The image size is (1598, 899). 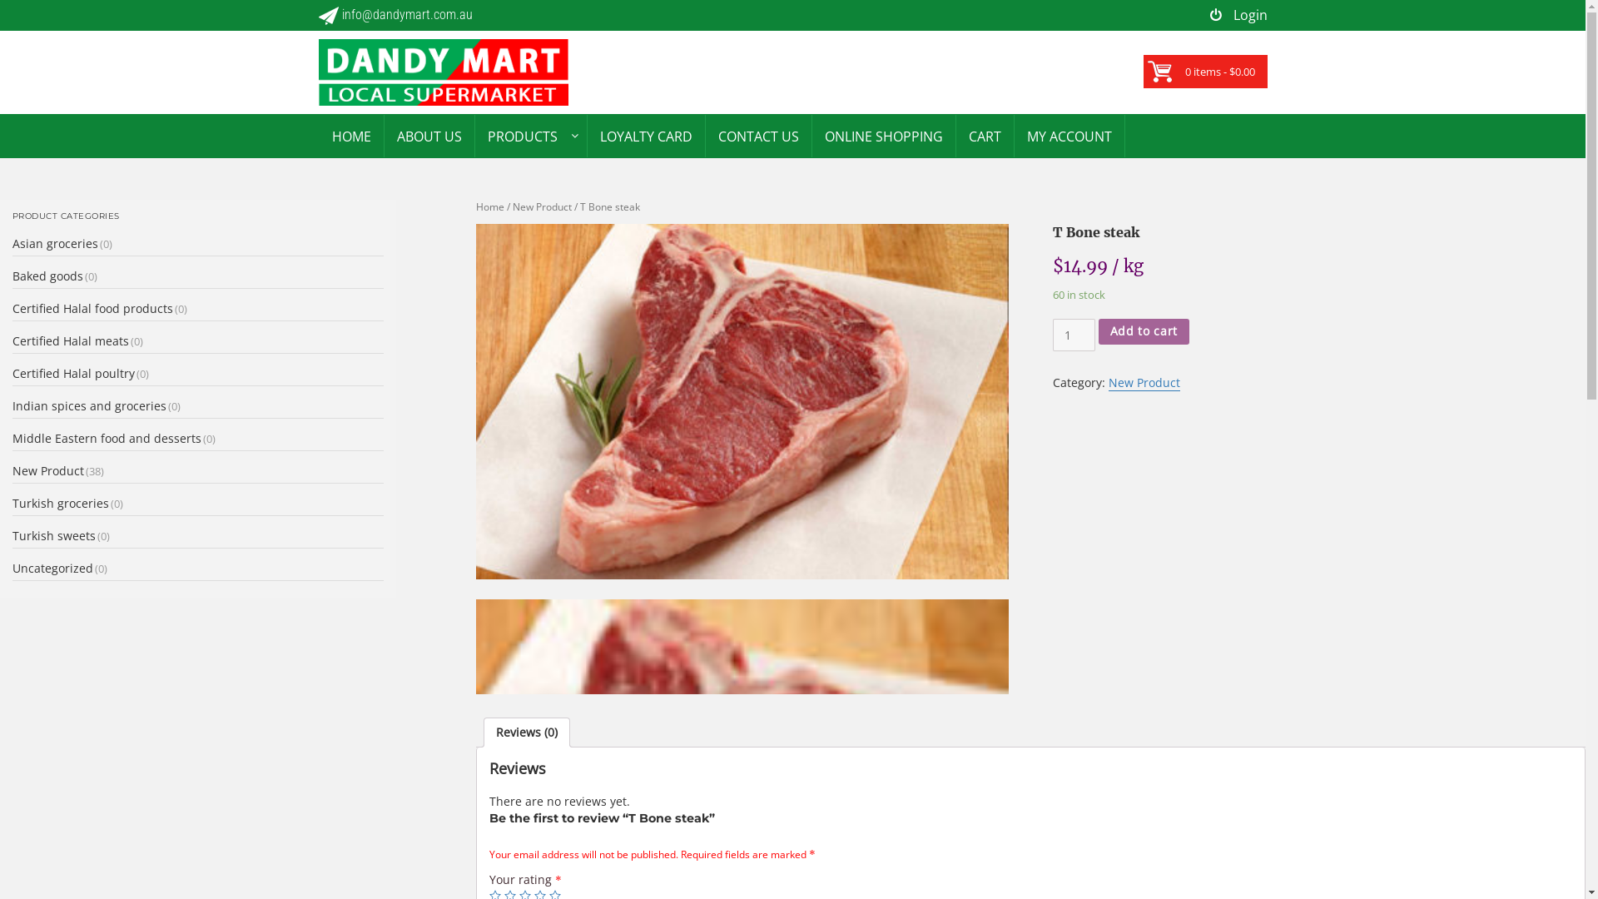 What do you see at coordinates (72, 372) in the screenshot?
I see `'Certified Halal poultry'` at bounding box center [72, 372].